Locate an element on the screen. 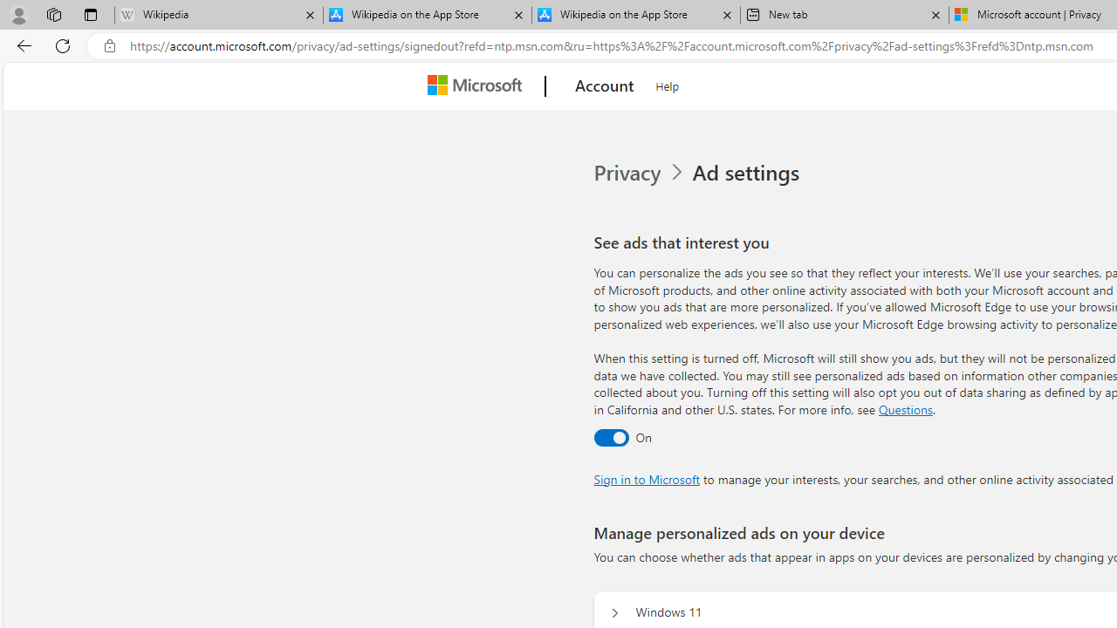  'Account' is located at coordinates (605, 86).